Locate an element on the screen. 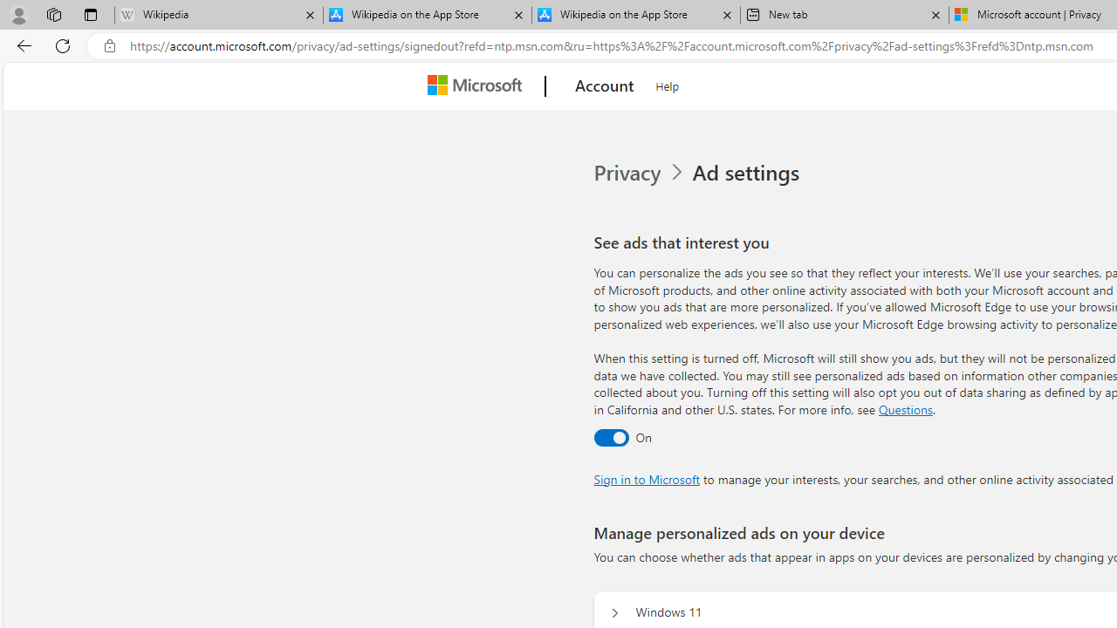  'Account' is located at coordinates (605, 86).